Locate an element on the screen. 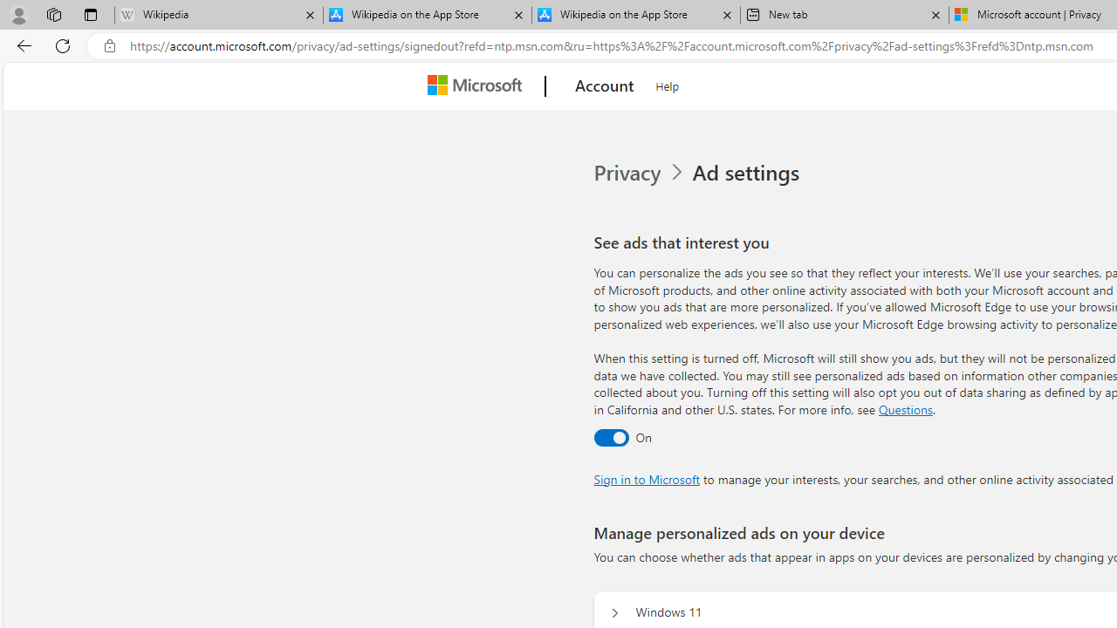  'Account' is located at coordinates (605, 86).